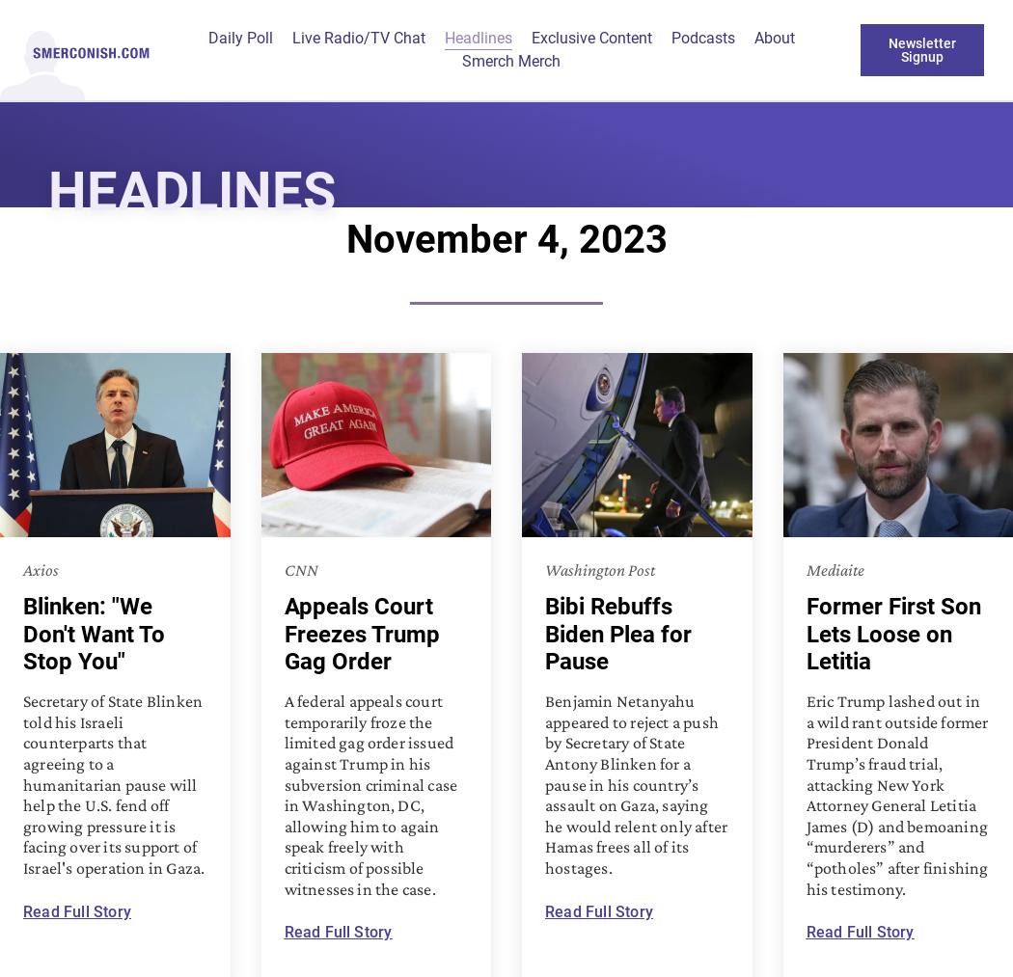 The height and width of the screenshot is (977, 1013). I want to click on 'November 4, 2023', so click(505, 238).